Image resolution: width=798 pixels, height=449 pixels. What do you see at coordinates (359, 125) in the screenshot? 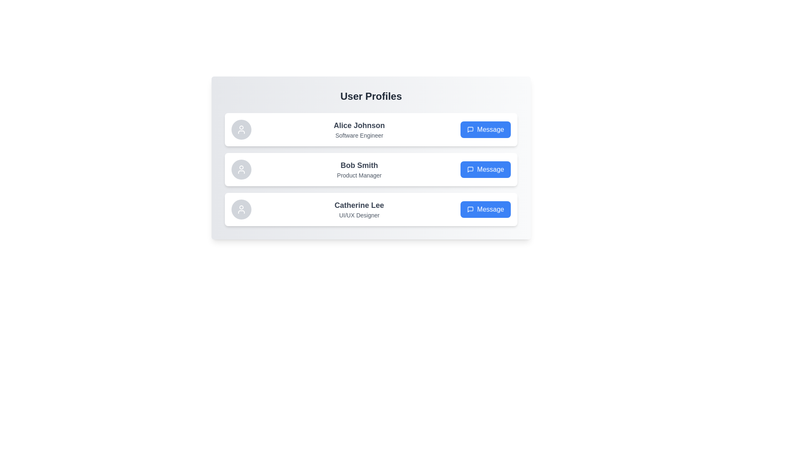
I see `the text of Alice Johnson to select it` at bounding box center [359, 125].